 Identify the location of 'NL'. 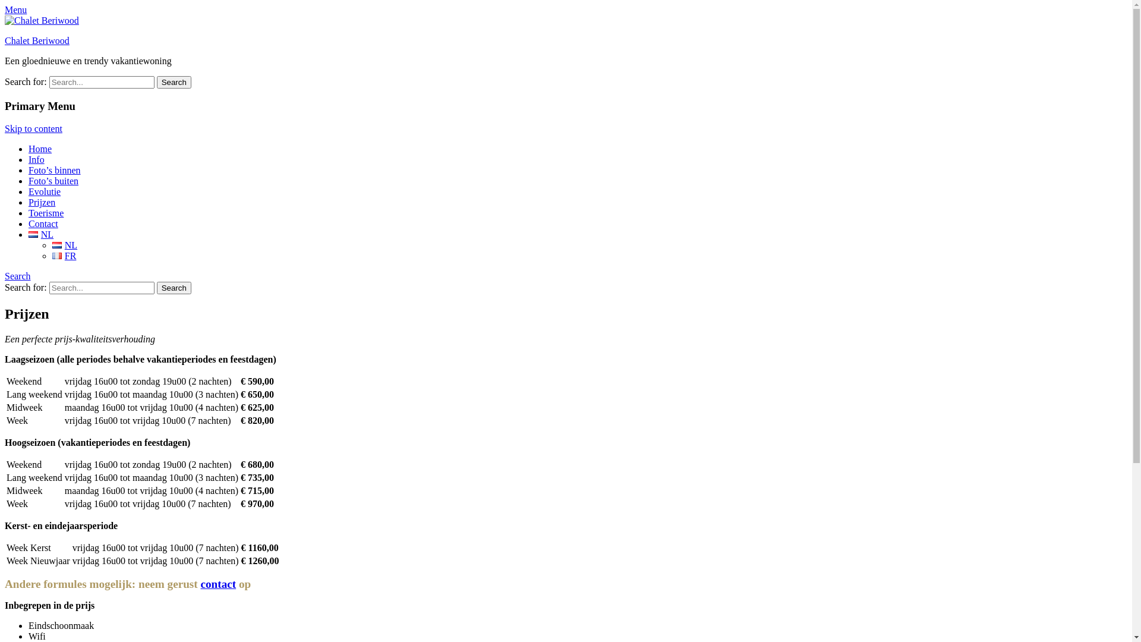
(64, 244).